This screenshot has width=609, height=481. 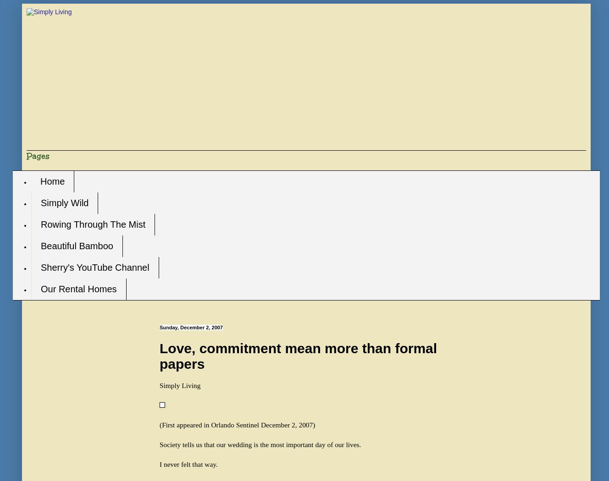 What do you see at coordinates (260, 443) in the screenshot?
I see `'Society tells us that our wedding is the most important day of our lives.'` at bounding box center [260, 443].